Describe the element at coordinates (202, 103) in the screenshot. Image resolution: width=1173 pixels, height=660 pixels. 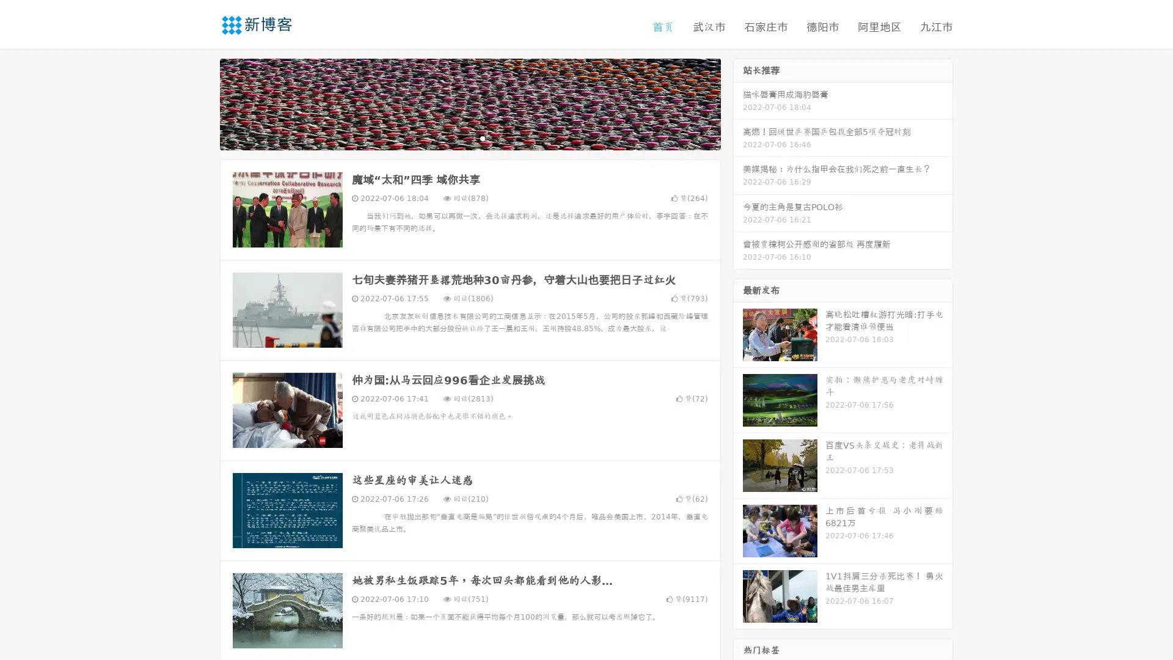
I see `Previous slide` at that location.